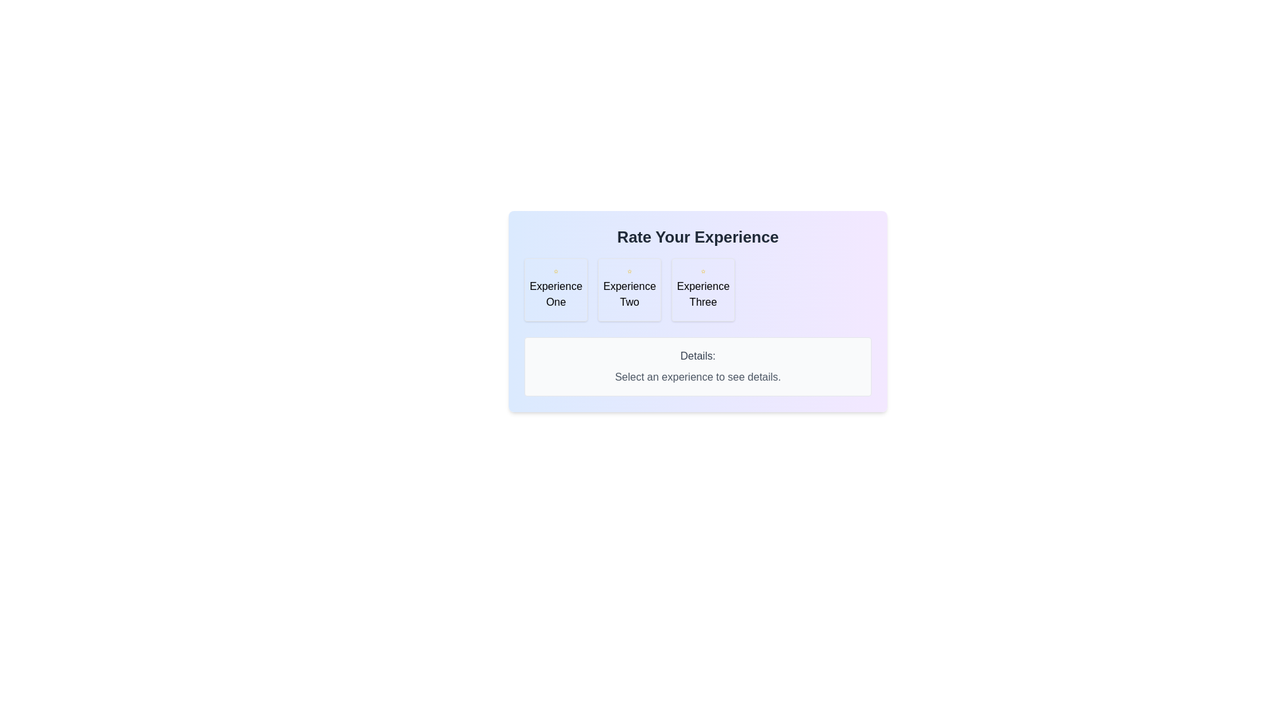 The height and width of the screenshot is (710, 1262). What do you see at coordinates (703, 289) in the screenshot?
I see `the selectable card element labeled 'Experience Three', which is the third card in a group of three, featuring a yellow star icon and a light background` at bounding box center [703, 289].